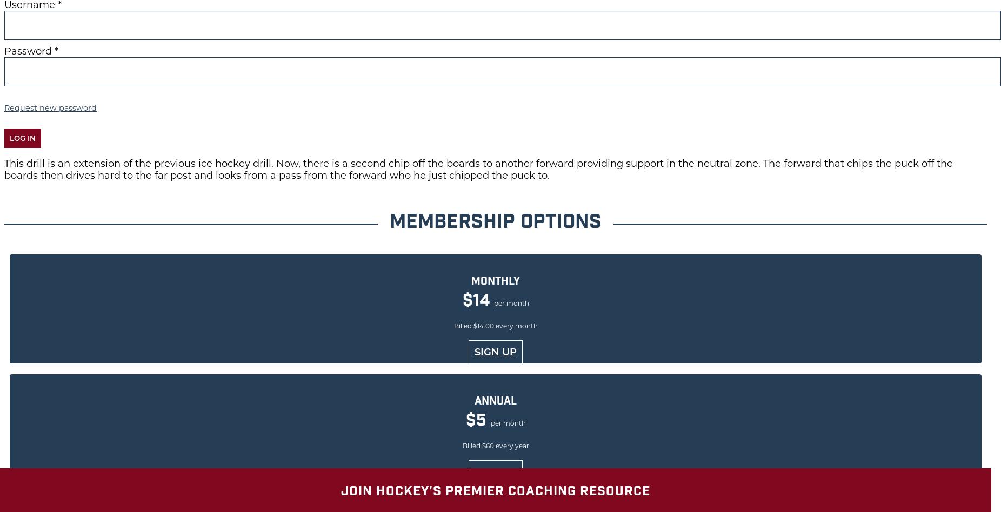  I want to click on 'This drill is an extension of the previous ice hockey drill. Now, there is a second chip off the boards to another forward providing support in the neutral zone. The forward that chips the puck off the boards then drives hard to the far post and looks from a pass from the forward who he just chipped the puck to.', so click(3, 169).